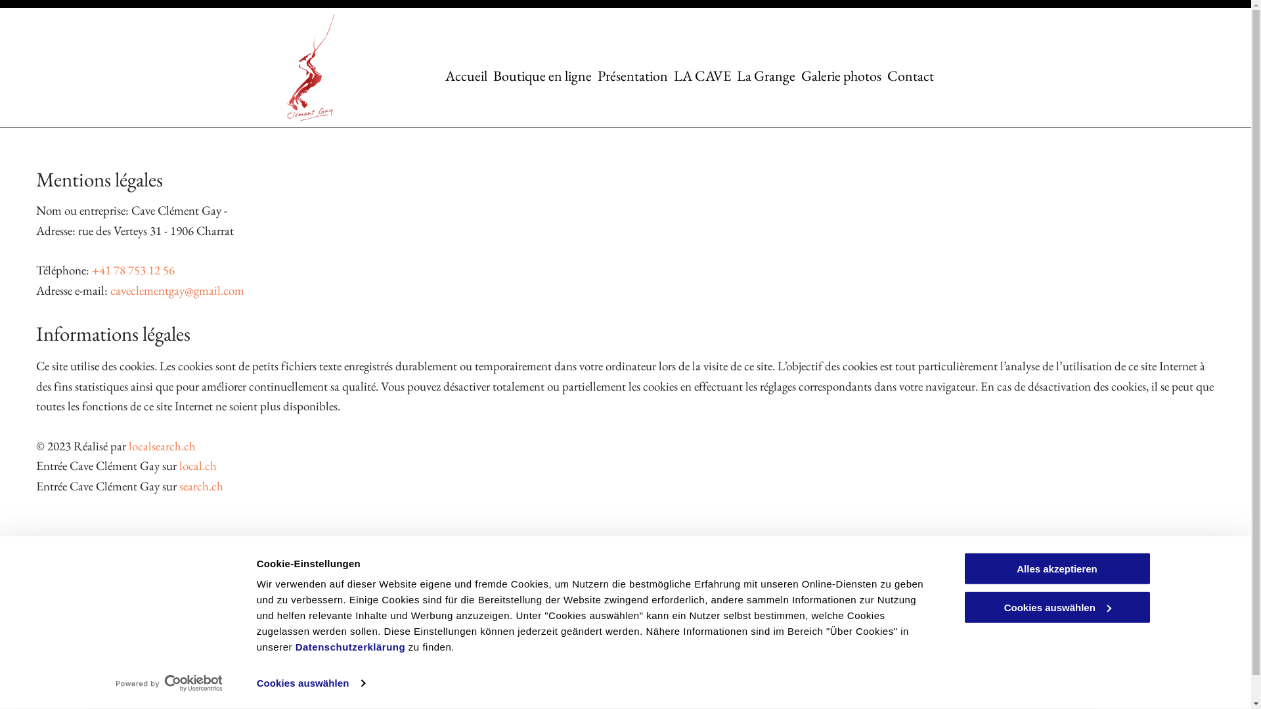  I want to click on 'search.ch', so click(200, 486).